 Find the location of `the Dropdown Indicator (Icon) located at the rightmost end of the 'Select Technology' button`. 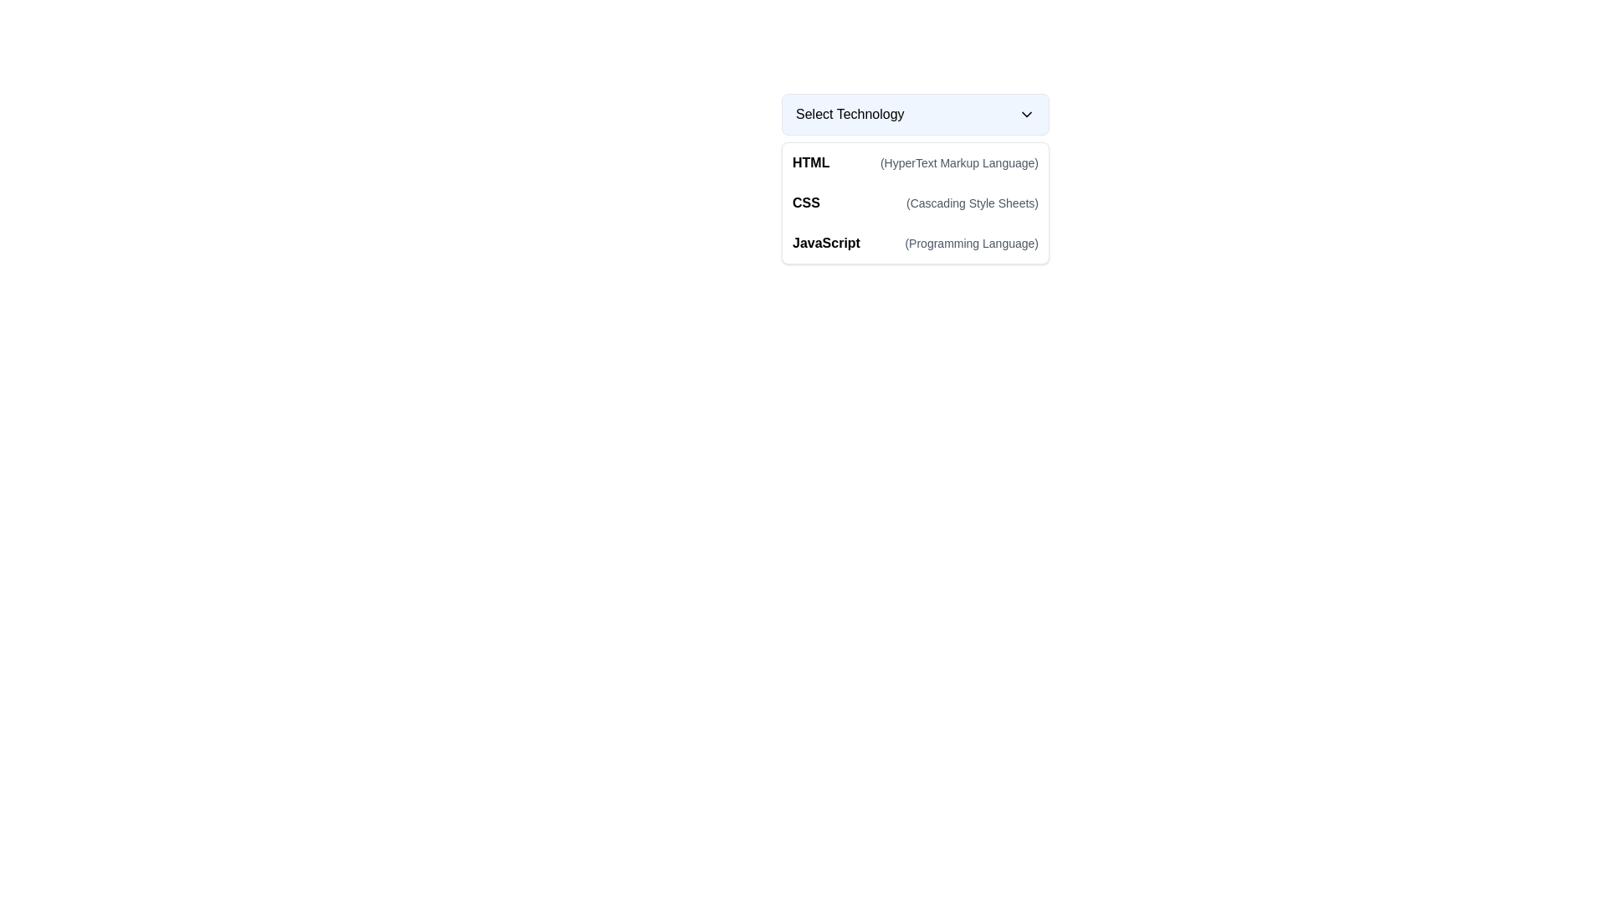

the Dropdown Indicator (Icon) located at the rightmost end of the 'Select Technology' button is located at coordinates (1026, 114).